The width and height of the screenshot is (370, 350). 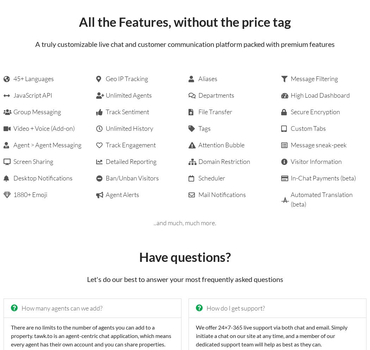 What do you see at coordinates (185, 257) in the screenshot?
I see `'Have questions?'` at bounding box center [185, 257].